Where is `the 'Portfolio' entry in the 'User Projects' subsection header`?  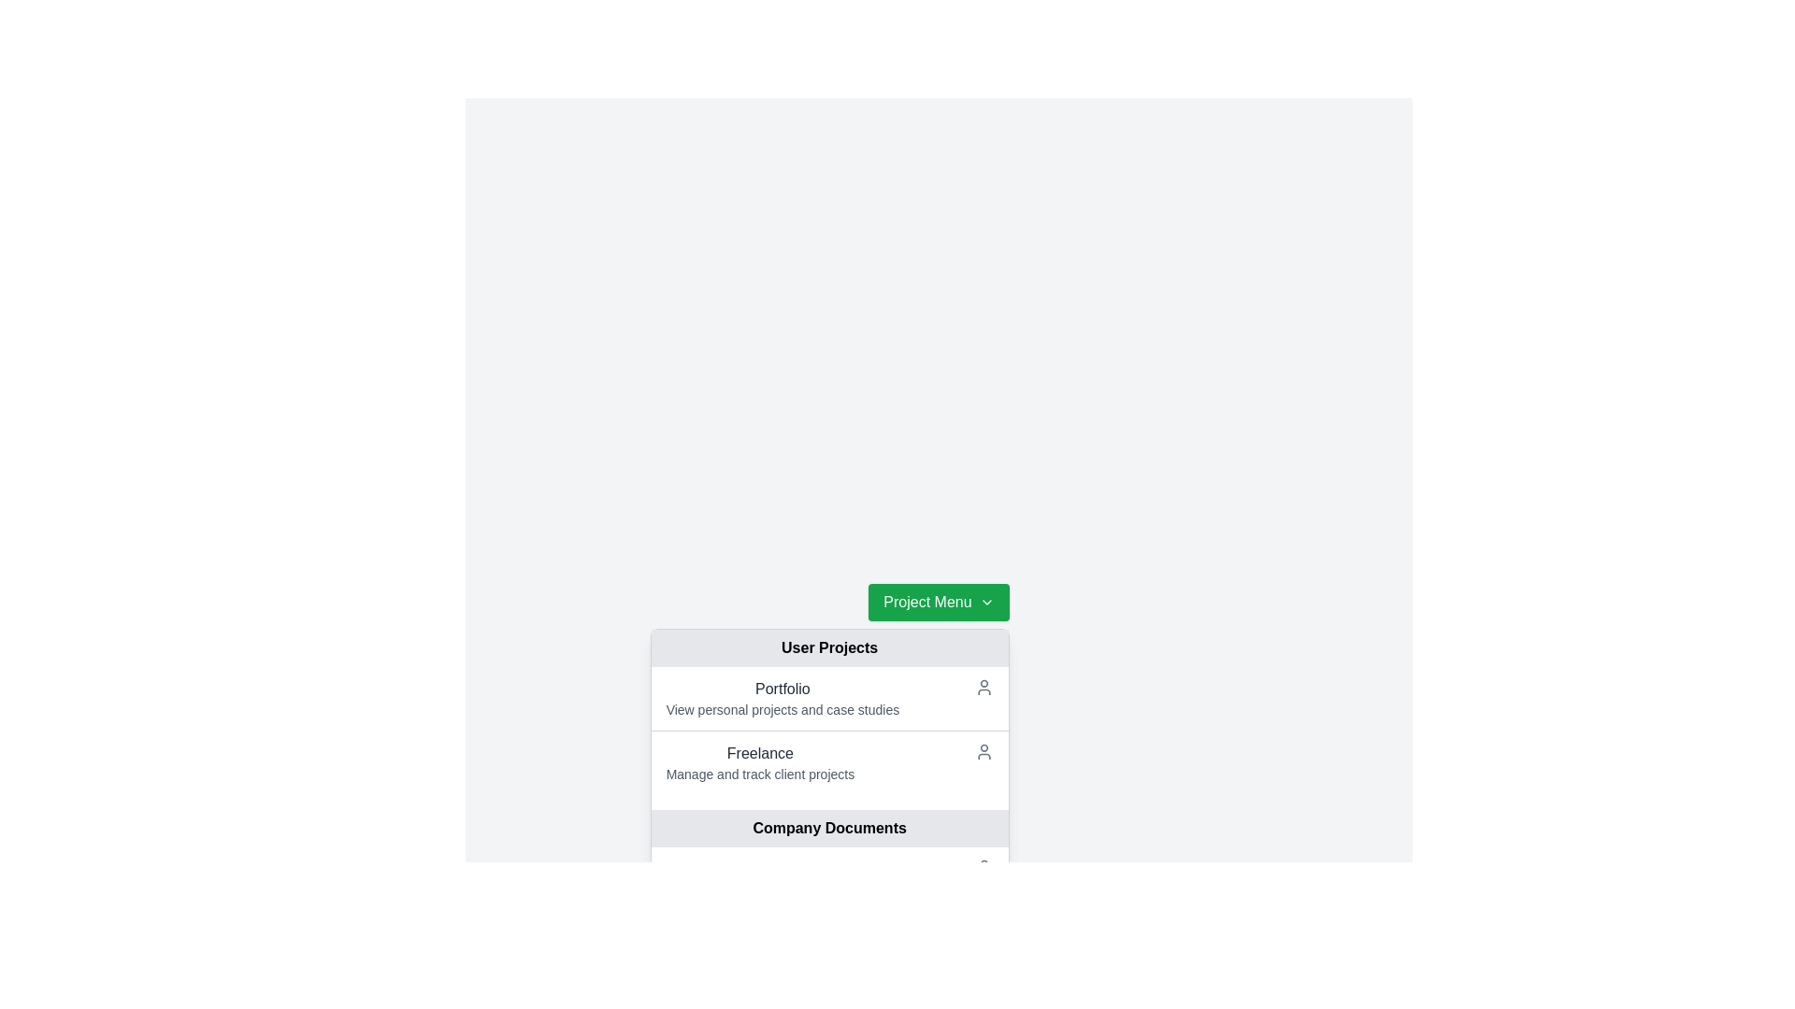
the 'Portfolio' entry in the 'User Projects' subsection header is located at coordinates (828, 712).